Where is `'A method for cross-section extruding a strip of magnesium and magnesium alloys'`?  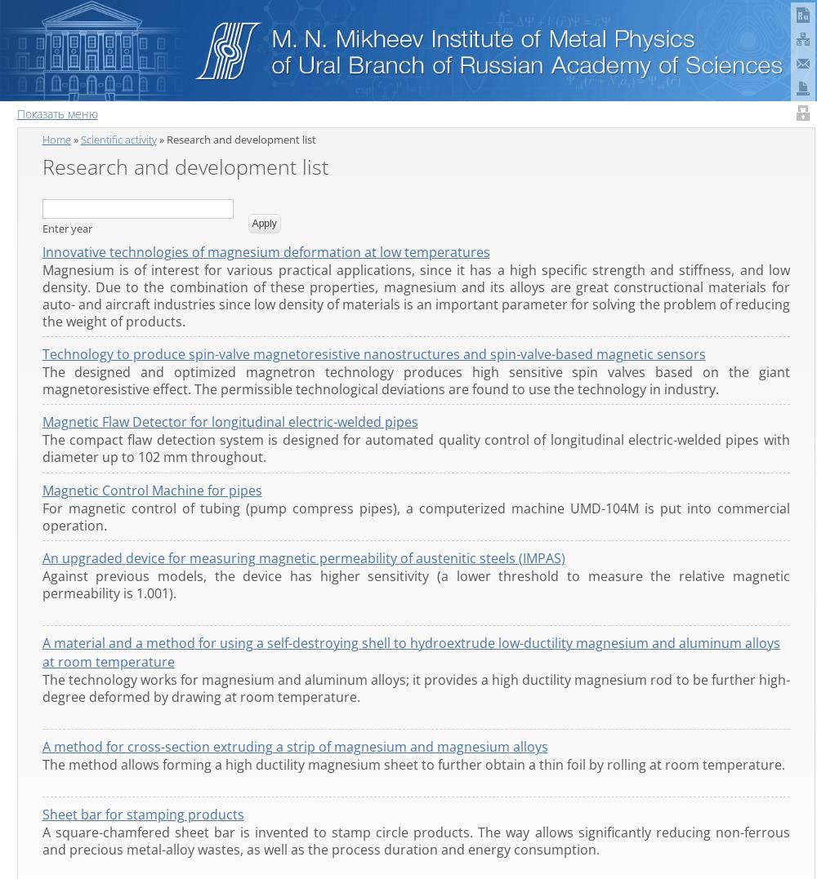 'A method for cross-section extruding a strip of magnesium and magnesium alloys' is located at coordinates (293, 746).